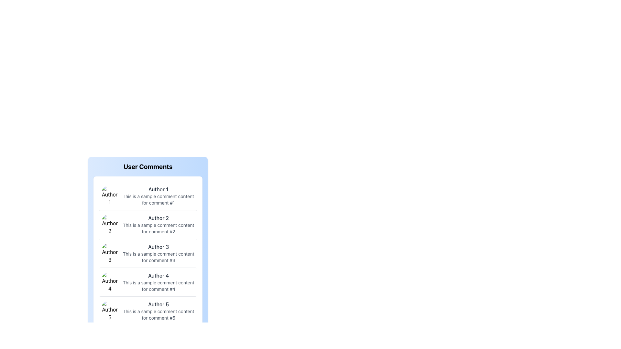 The height and width of the screenshot is (349, 621). I want to click on the profile picture or user avatar of the first user in the comment section, which is a small circular image aligned with 'Author 1', so click(110, 195).